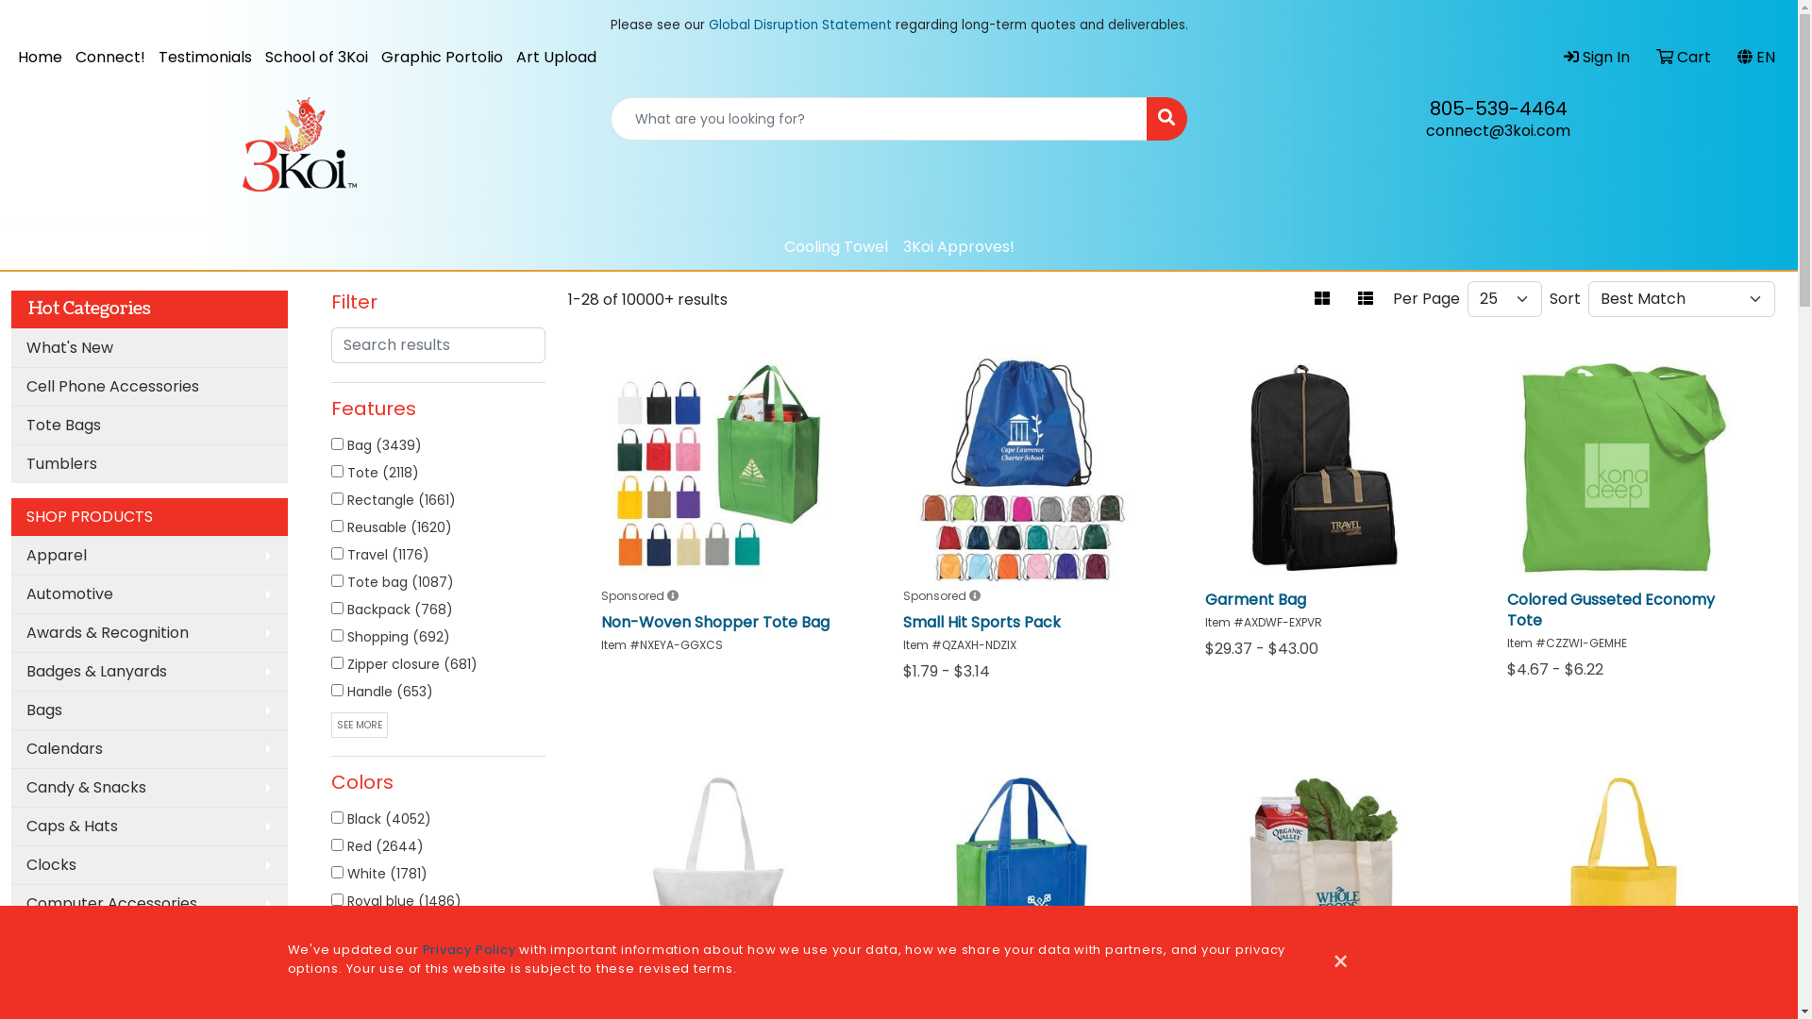  Describe the element at coordinates (148, 825) in the screenshot. I see `'Caps & Hats'` at that location.